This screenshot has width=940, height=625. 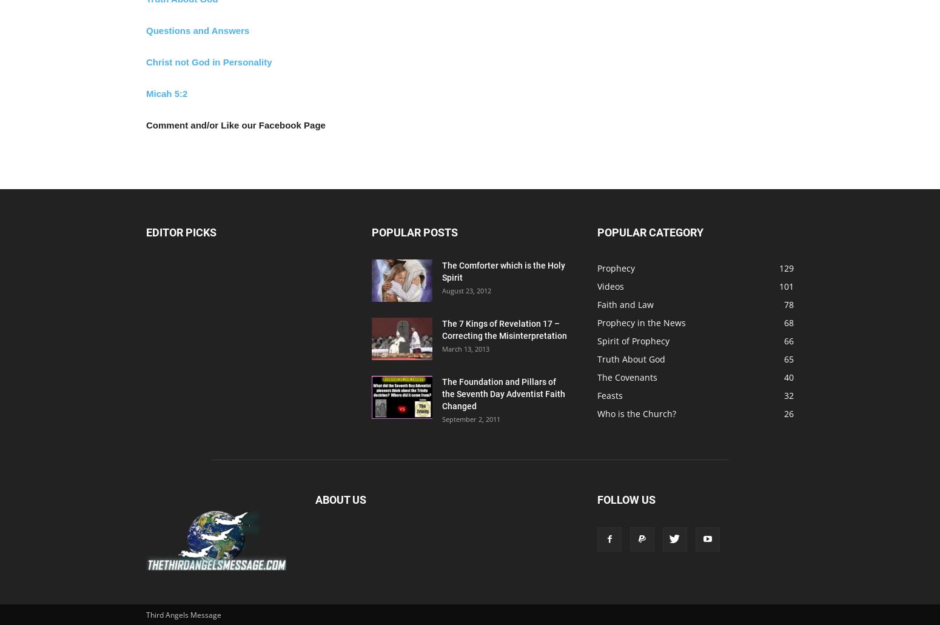 I want to click on 'Christ not God in Personality', so click(x=208, y=62).